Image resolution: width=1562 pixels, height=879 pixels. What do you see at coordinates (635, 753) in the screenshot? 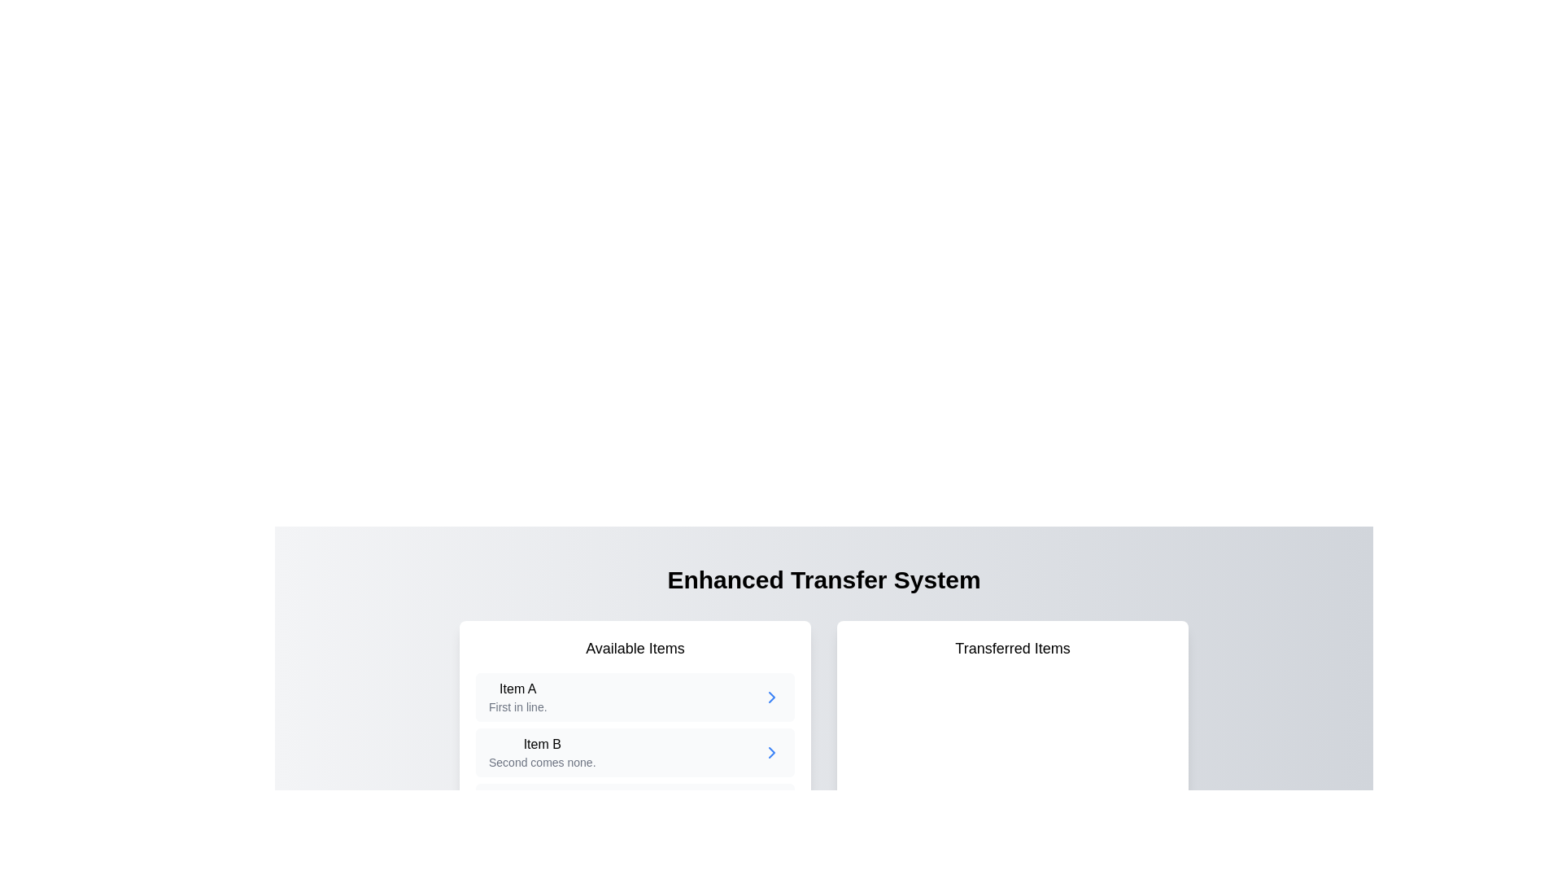
I see `the list item labeled 'Item B' with subtext 'Second comes none.'` at bounding box center [635, 753].